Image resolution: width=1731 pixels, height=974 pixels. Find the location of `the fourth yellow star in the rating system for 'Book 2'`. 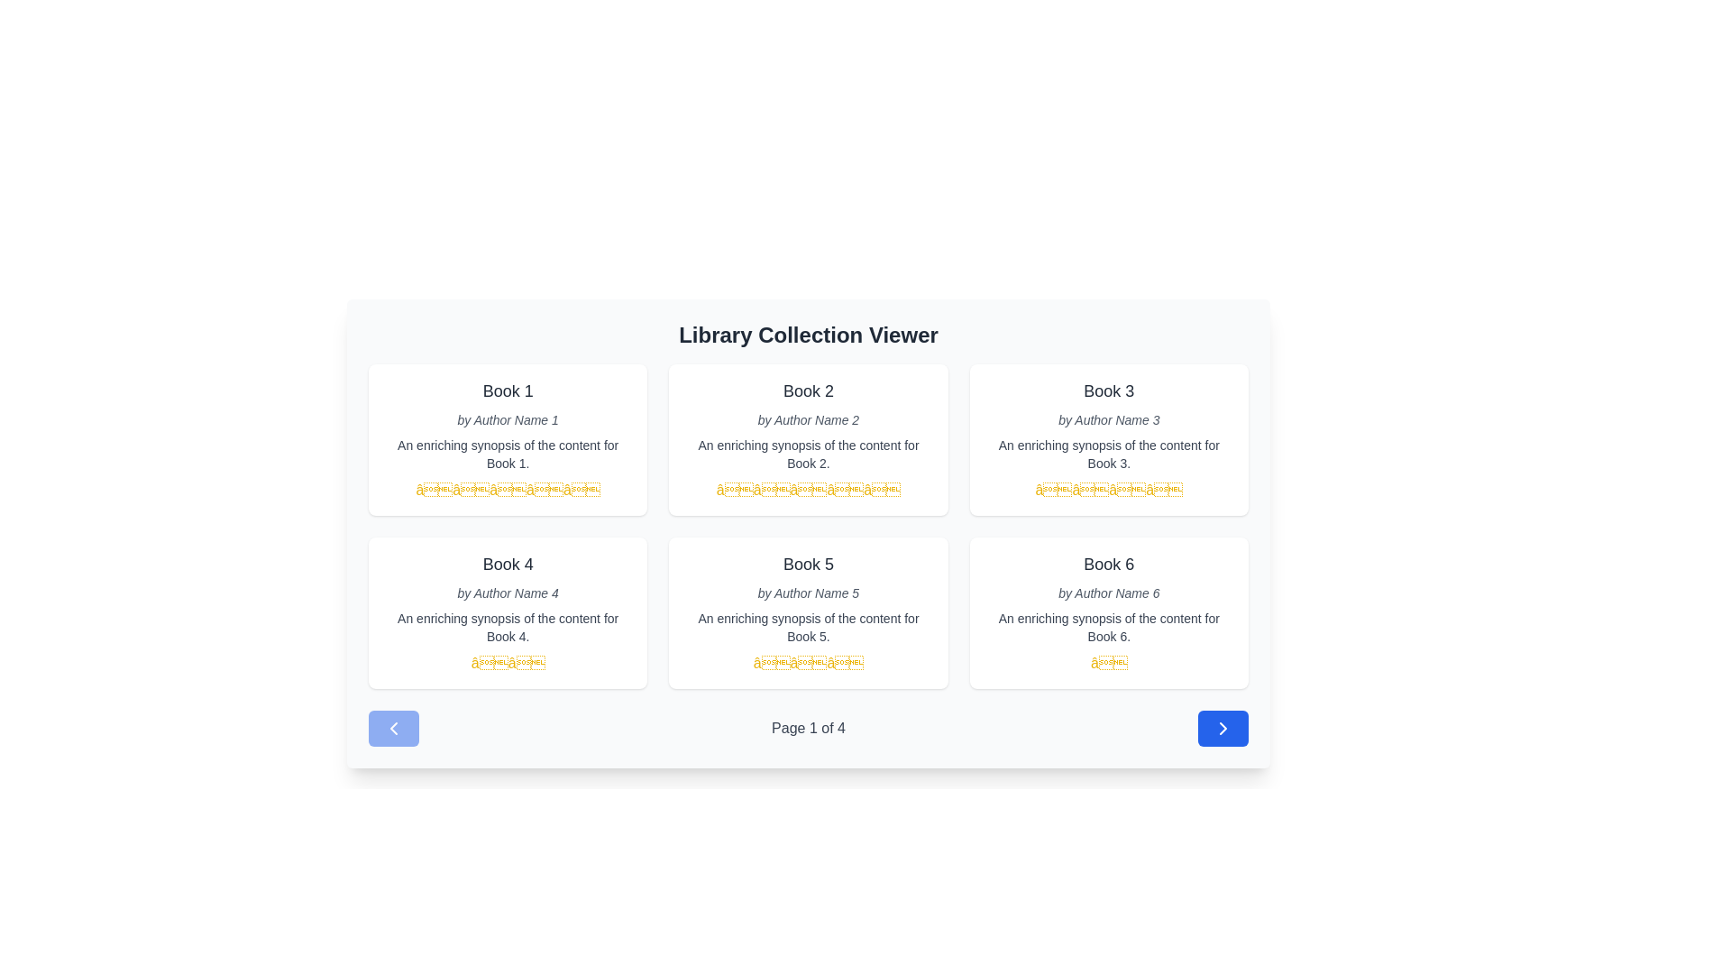

the fourth yellow star in the rating system for 'Book 2' is located at coordinates (844, 490).